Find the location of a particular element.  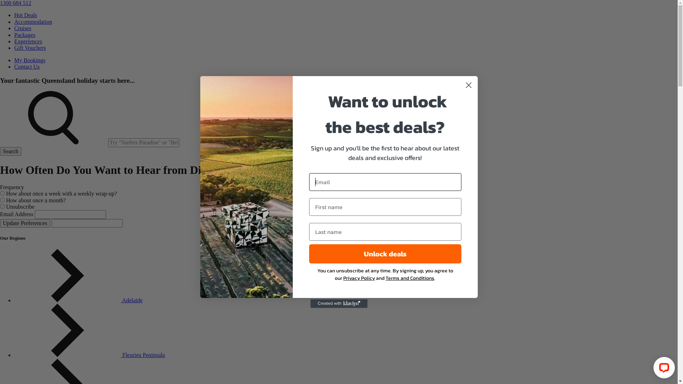

'Close dialog 1' is located at coordinates (468, 85).